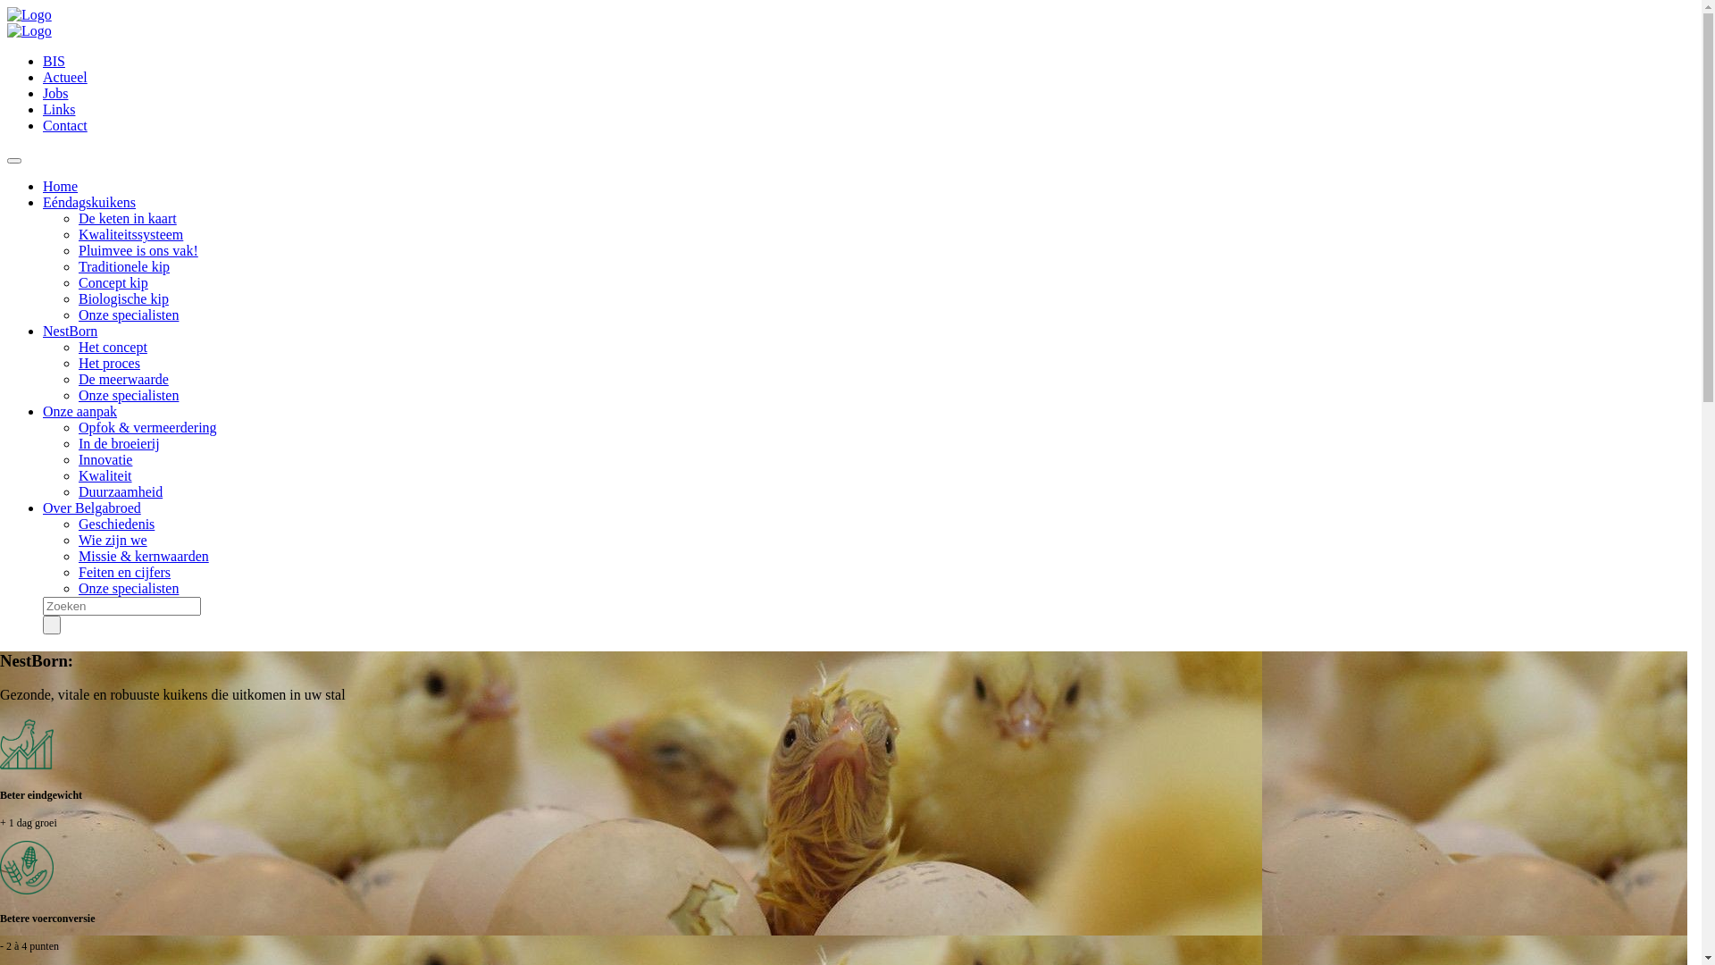 This screenshot has height=965, width=1715. What do you see at coordinates (105, 458) in the screenshot?
I see `'Innovatie'` at bounding box center [105, 458].